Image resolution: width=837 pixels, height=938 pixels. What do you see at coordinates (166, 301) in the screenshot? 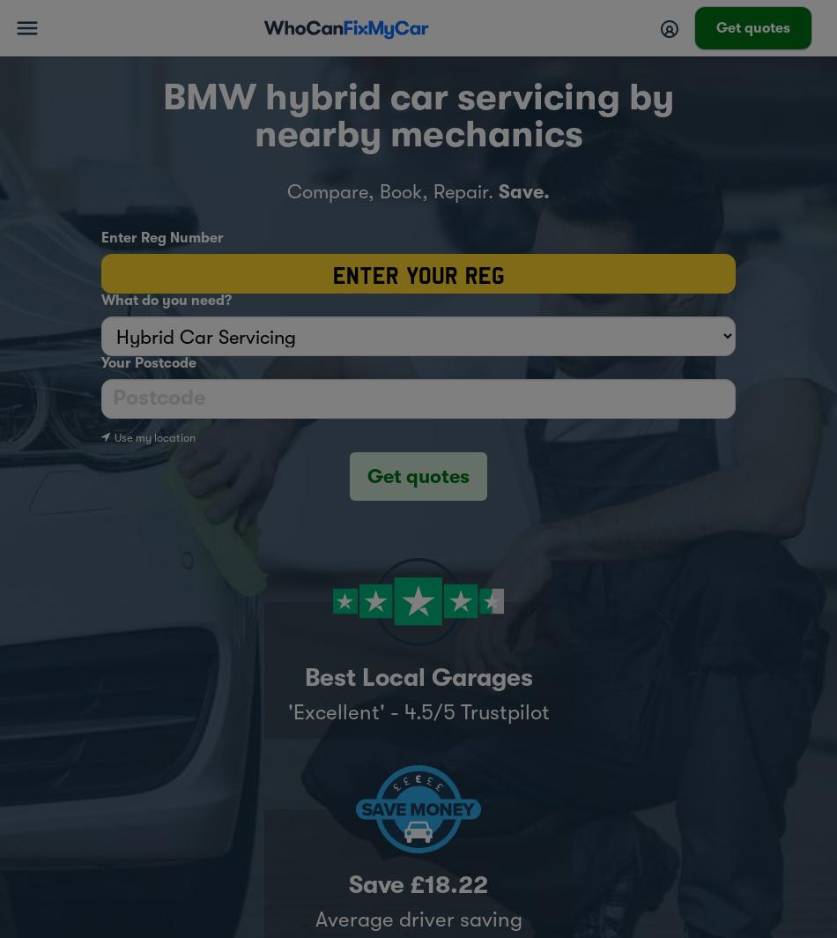
I see `'What do you need?'` at bounding box center [166, 301].